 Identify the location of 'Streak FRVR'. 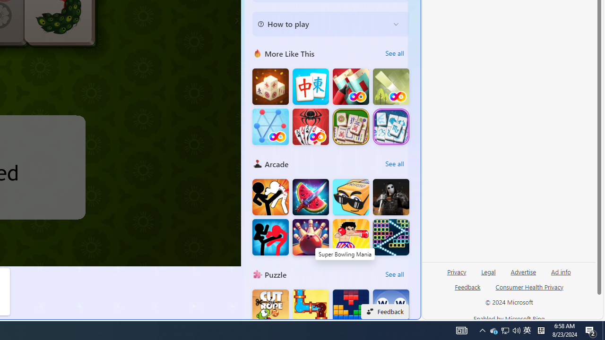
(270, 126).